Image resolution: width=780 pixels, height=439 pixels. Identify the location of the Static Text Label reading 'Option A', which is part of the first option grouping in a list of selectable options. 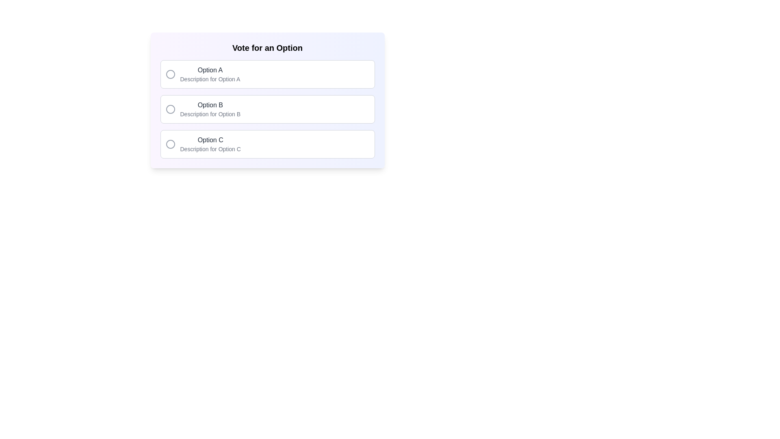
(210, 70).